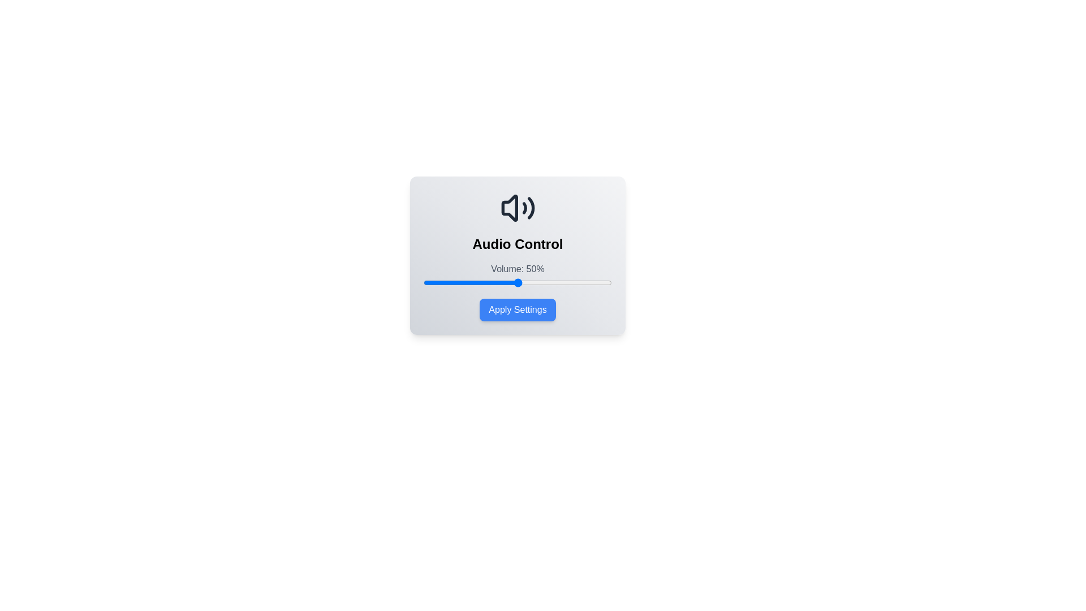  Describe the element at coordinates (517, 269) in the screenshot. I see `the static text label displaying 'Volume: 50%' located beneath the 'Audio Control' header and above the progress slider bar` at that location.